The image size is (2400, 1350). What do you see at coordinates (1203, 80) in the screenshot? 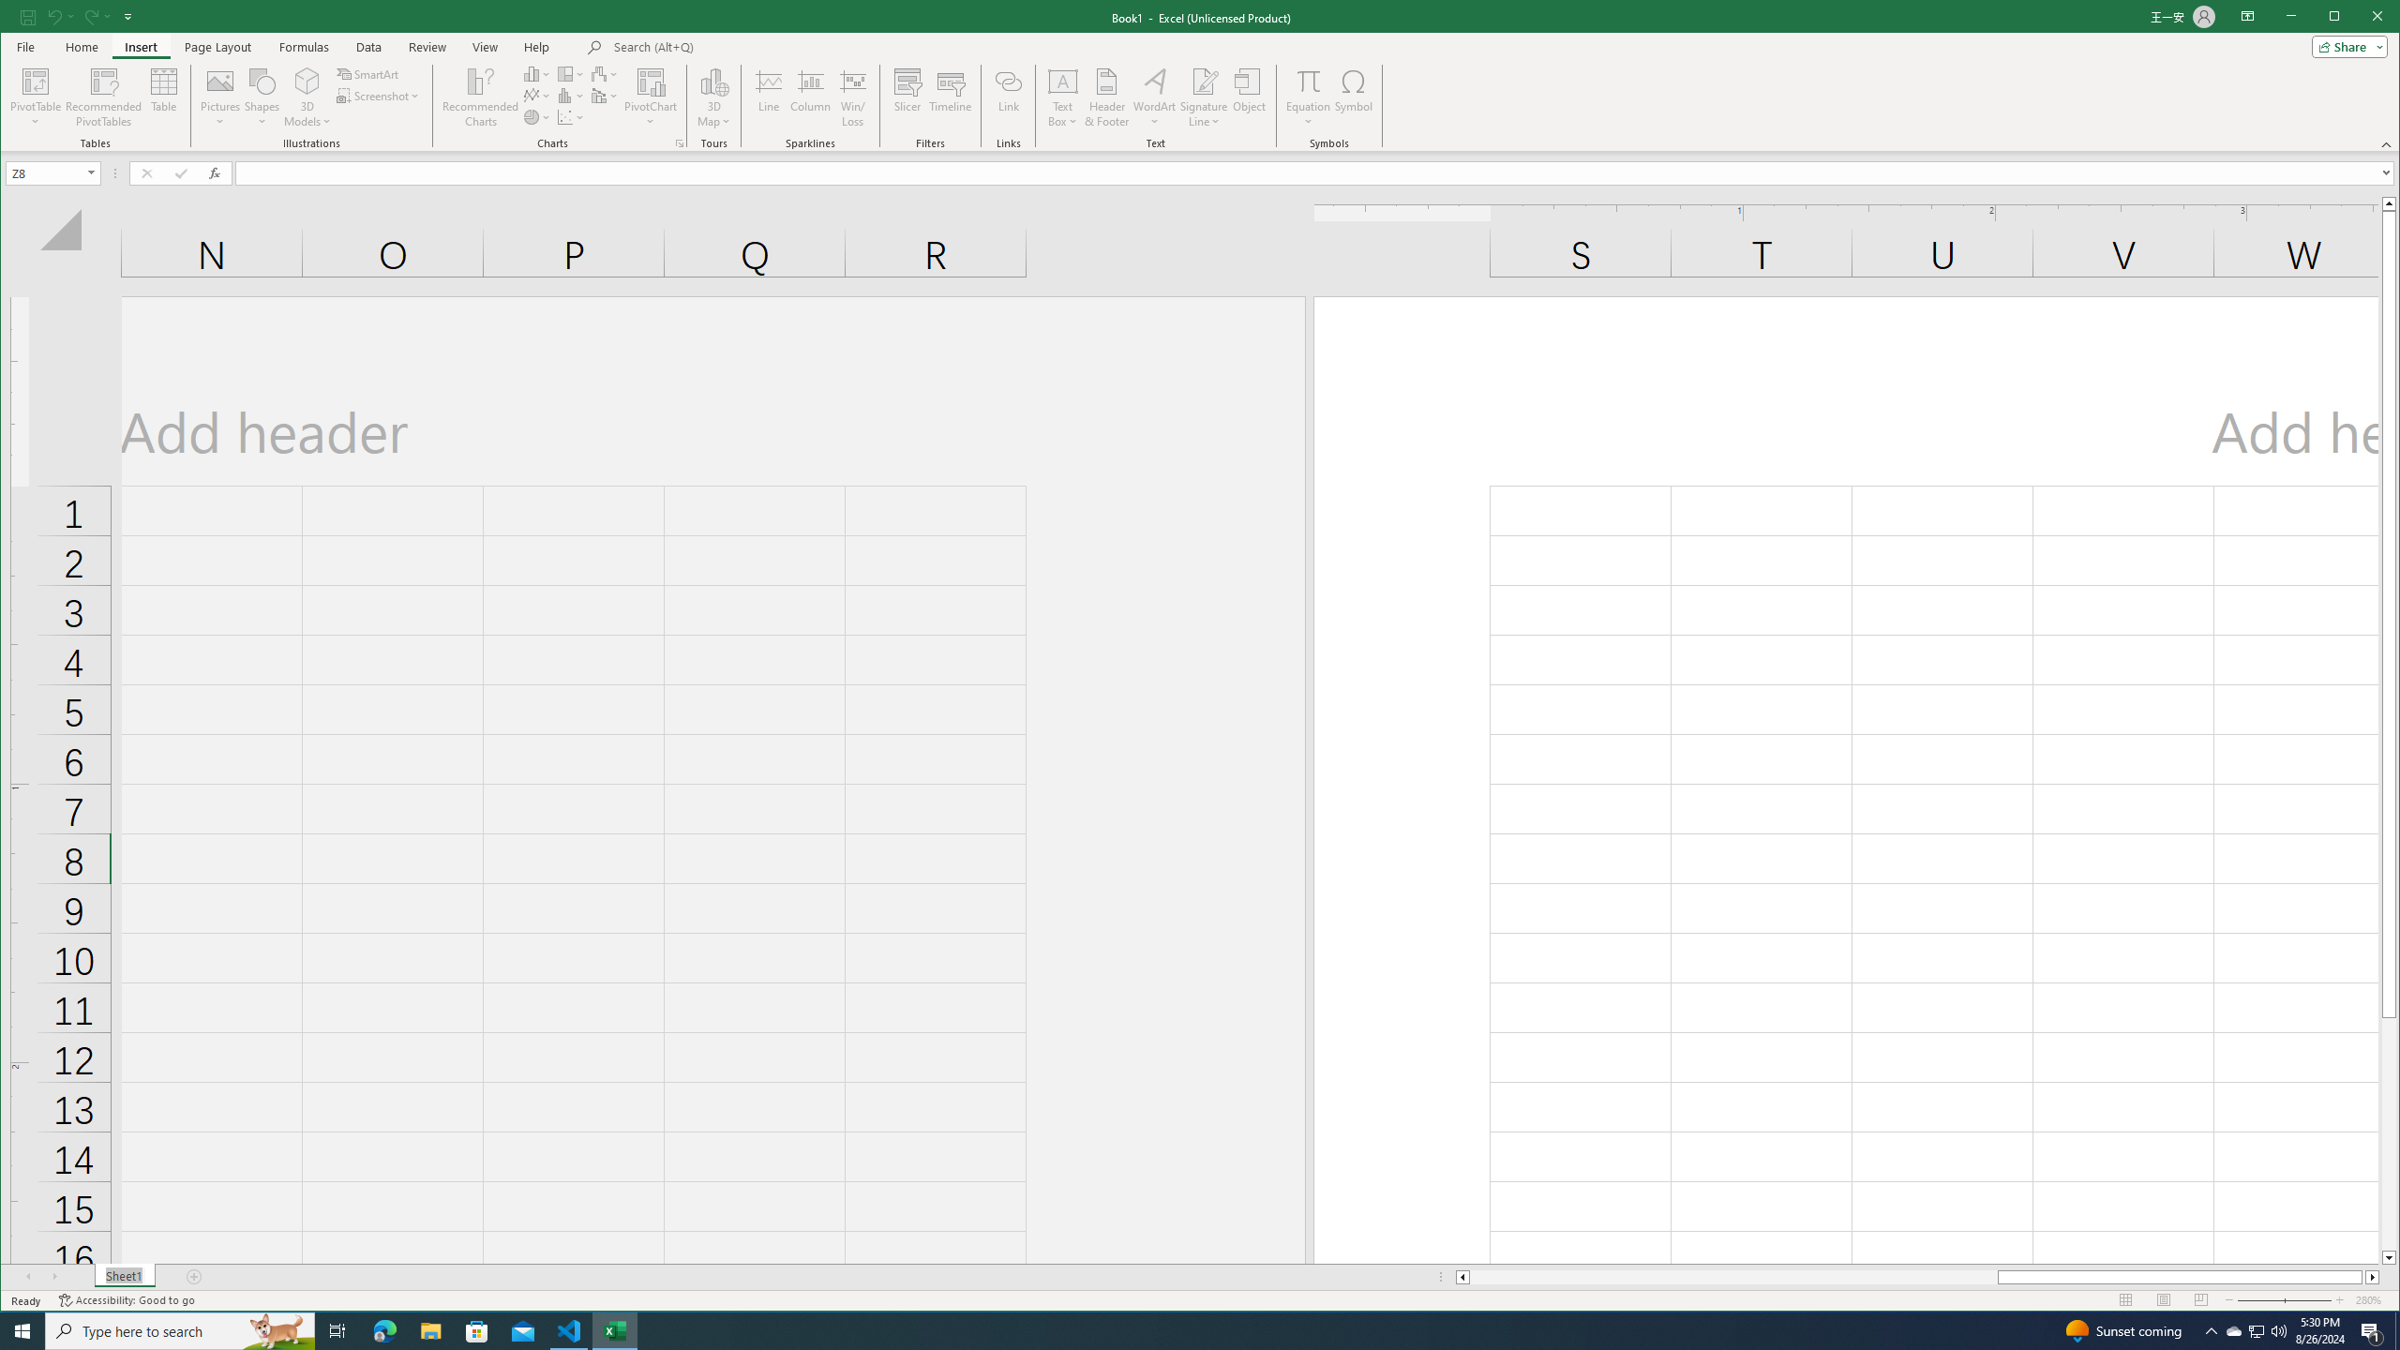
I see `'Signature Line'` at bounding box center [1203, 80].